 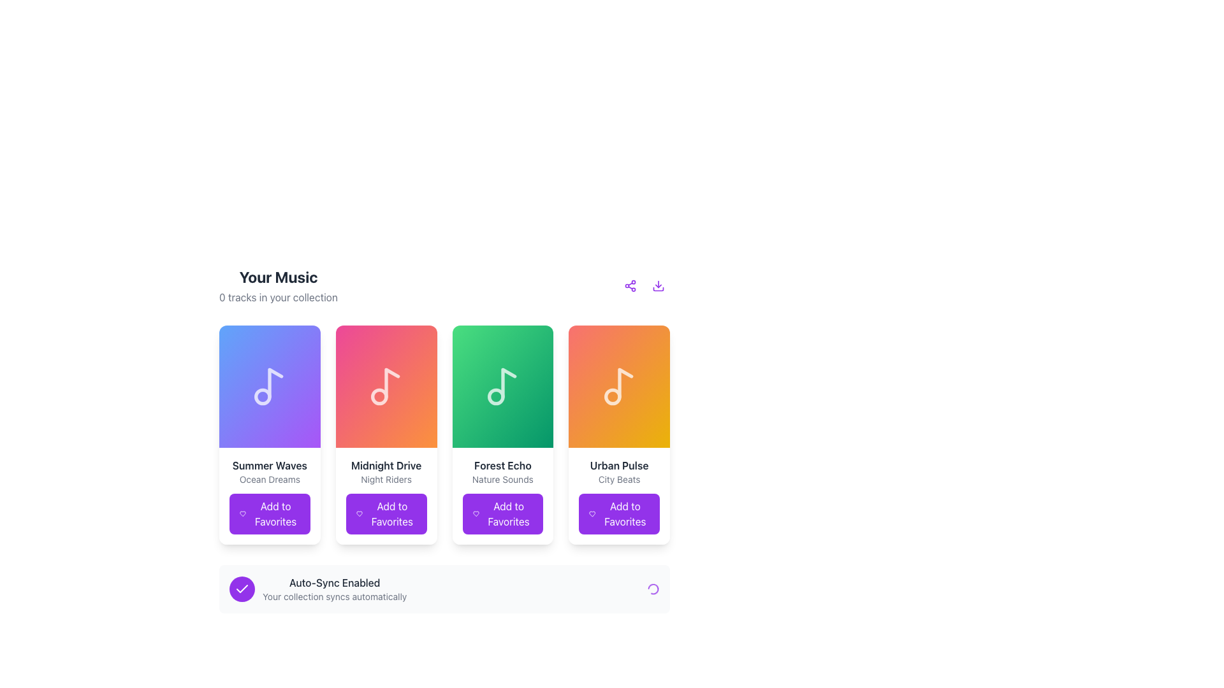 What do you see at coordinates (658, 285) in the screenshot?
I see `the Interactive Button located in the horizontal UI group near the top-right corner of the primary content layout` at bounding box center [658, 285].